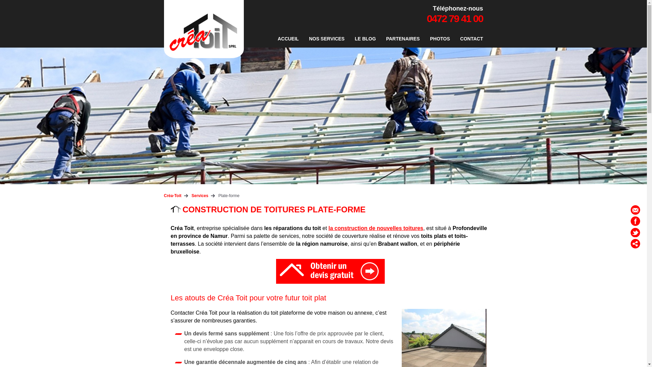  I want to click on 'CONTACT', so click(456, 39).